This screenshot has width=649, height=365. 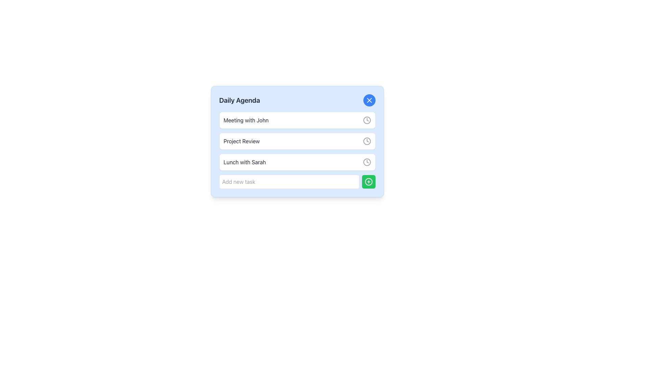 What do you see at coordinates (369, 100) in the screenshot?
I see `the close icon within the rounded blue button in the top-right corner of the 'Daily Agenda' panel` at bounding box center [369, 100].